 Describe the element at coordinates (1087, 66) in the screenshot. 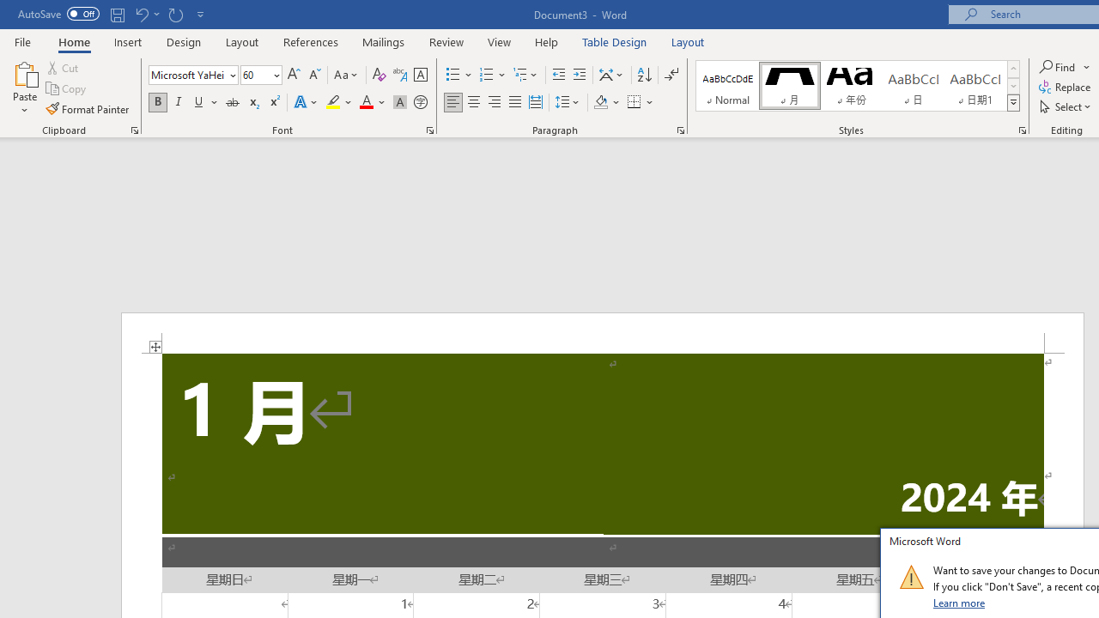

I see `'More Options'` at that location.